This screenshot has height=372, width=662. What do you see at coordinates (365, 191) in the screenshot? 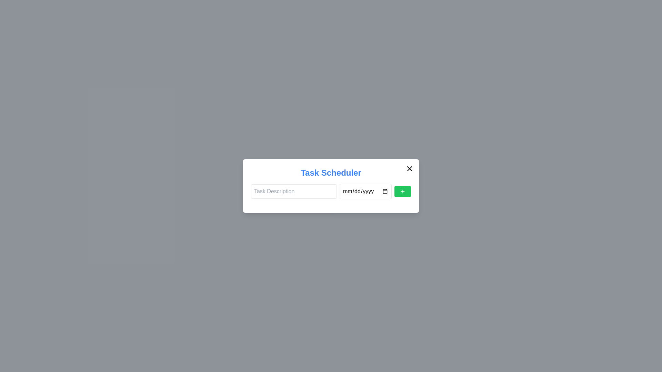
I see `the Date input field, which is a rectangular input with rounded corners, a placeholder displaying 'mm/dd/yyyy', and a calendar icon on the right side, located below the 'Task Scheduler' header and between a text input field and a green button` at bounding box center [365, 191].